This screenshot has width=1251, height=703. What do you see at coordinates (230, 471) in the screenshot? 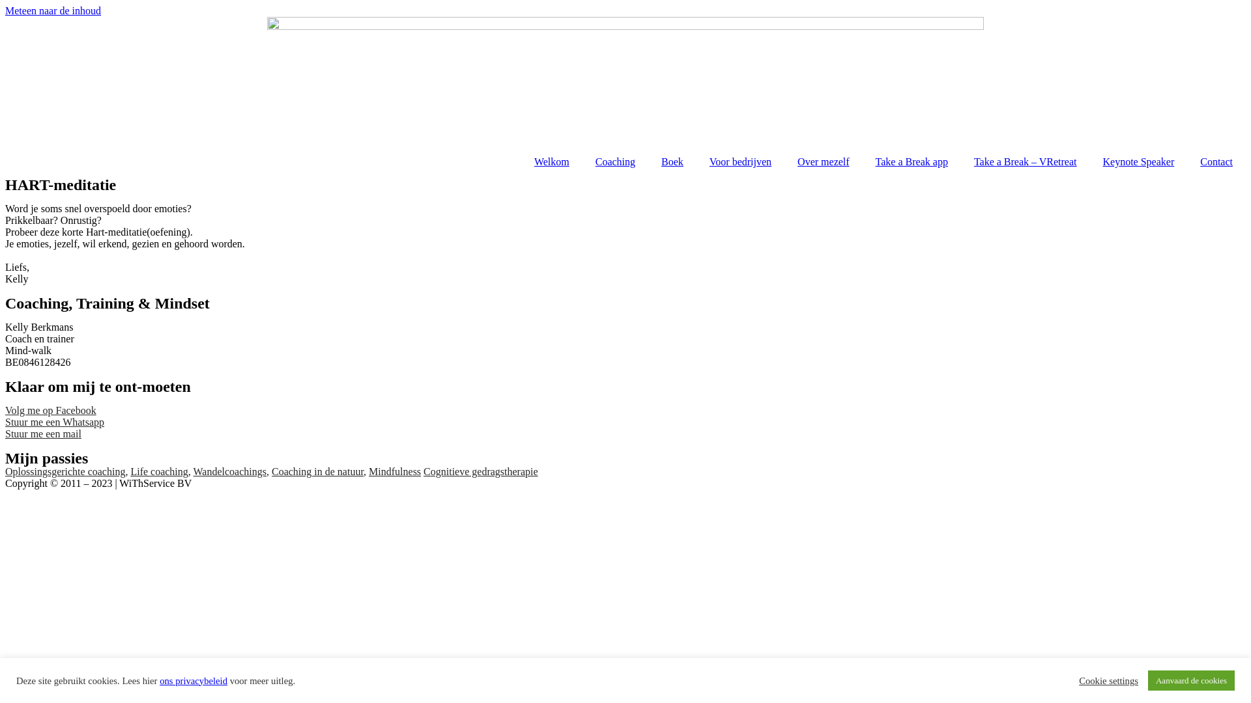
I see `'Wandelcoachings'` at bounding box center [230, 471].